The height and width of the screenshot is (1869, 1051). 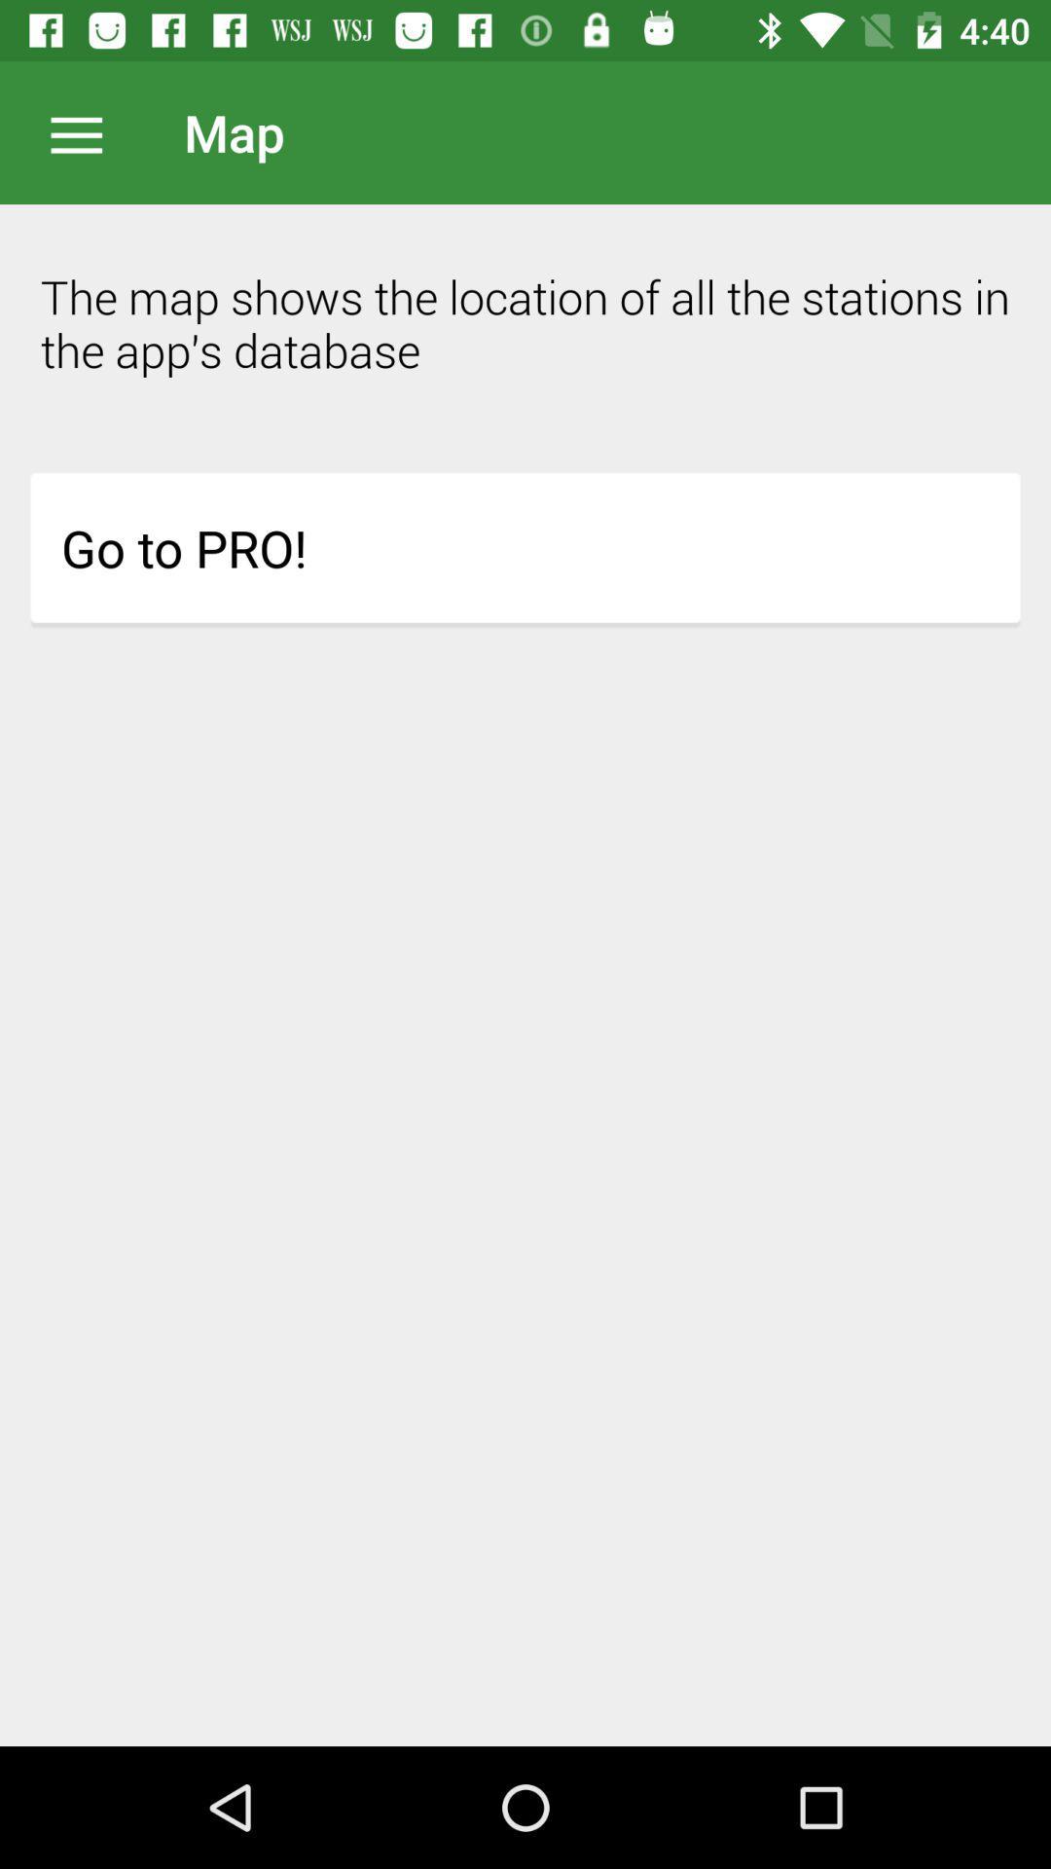 What do you see at coordinates (86, 131) in the screenshot?
I see `open menu` at bounding box center [86, 131].